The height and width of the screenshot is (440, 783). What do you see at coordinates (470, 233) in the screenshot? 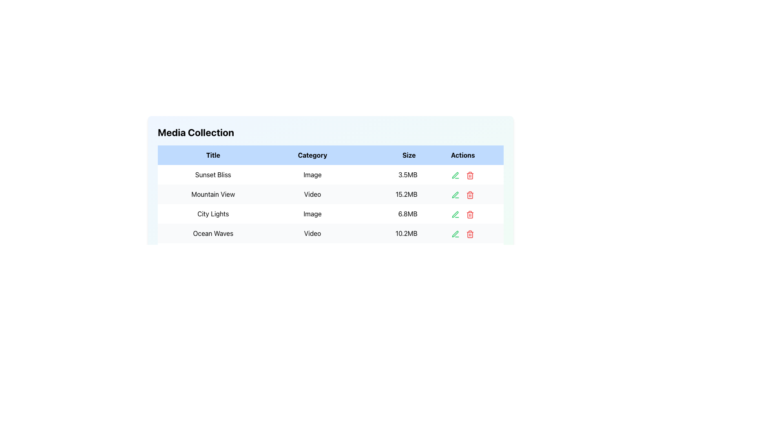
I see `the delete button located in the 'Actions' column of the row labeled 'Ocean Waves' and 'Video'` at bounding box center [470, 233].